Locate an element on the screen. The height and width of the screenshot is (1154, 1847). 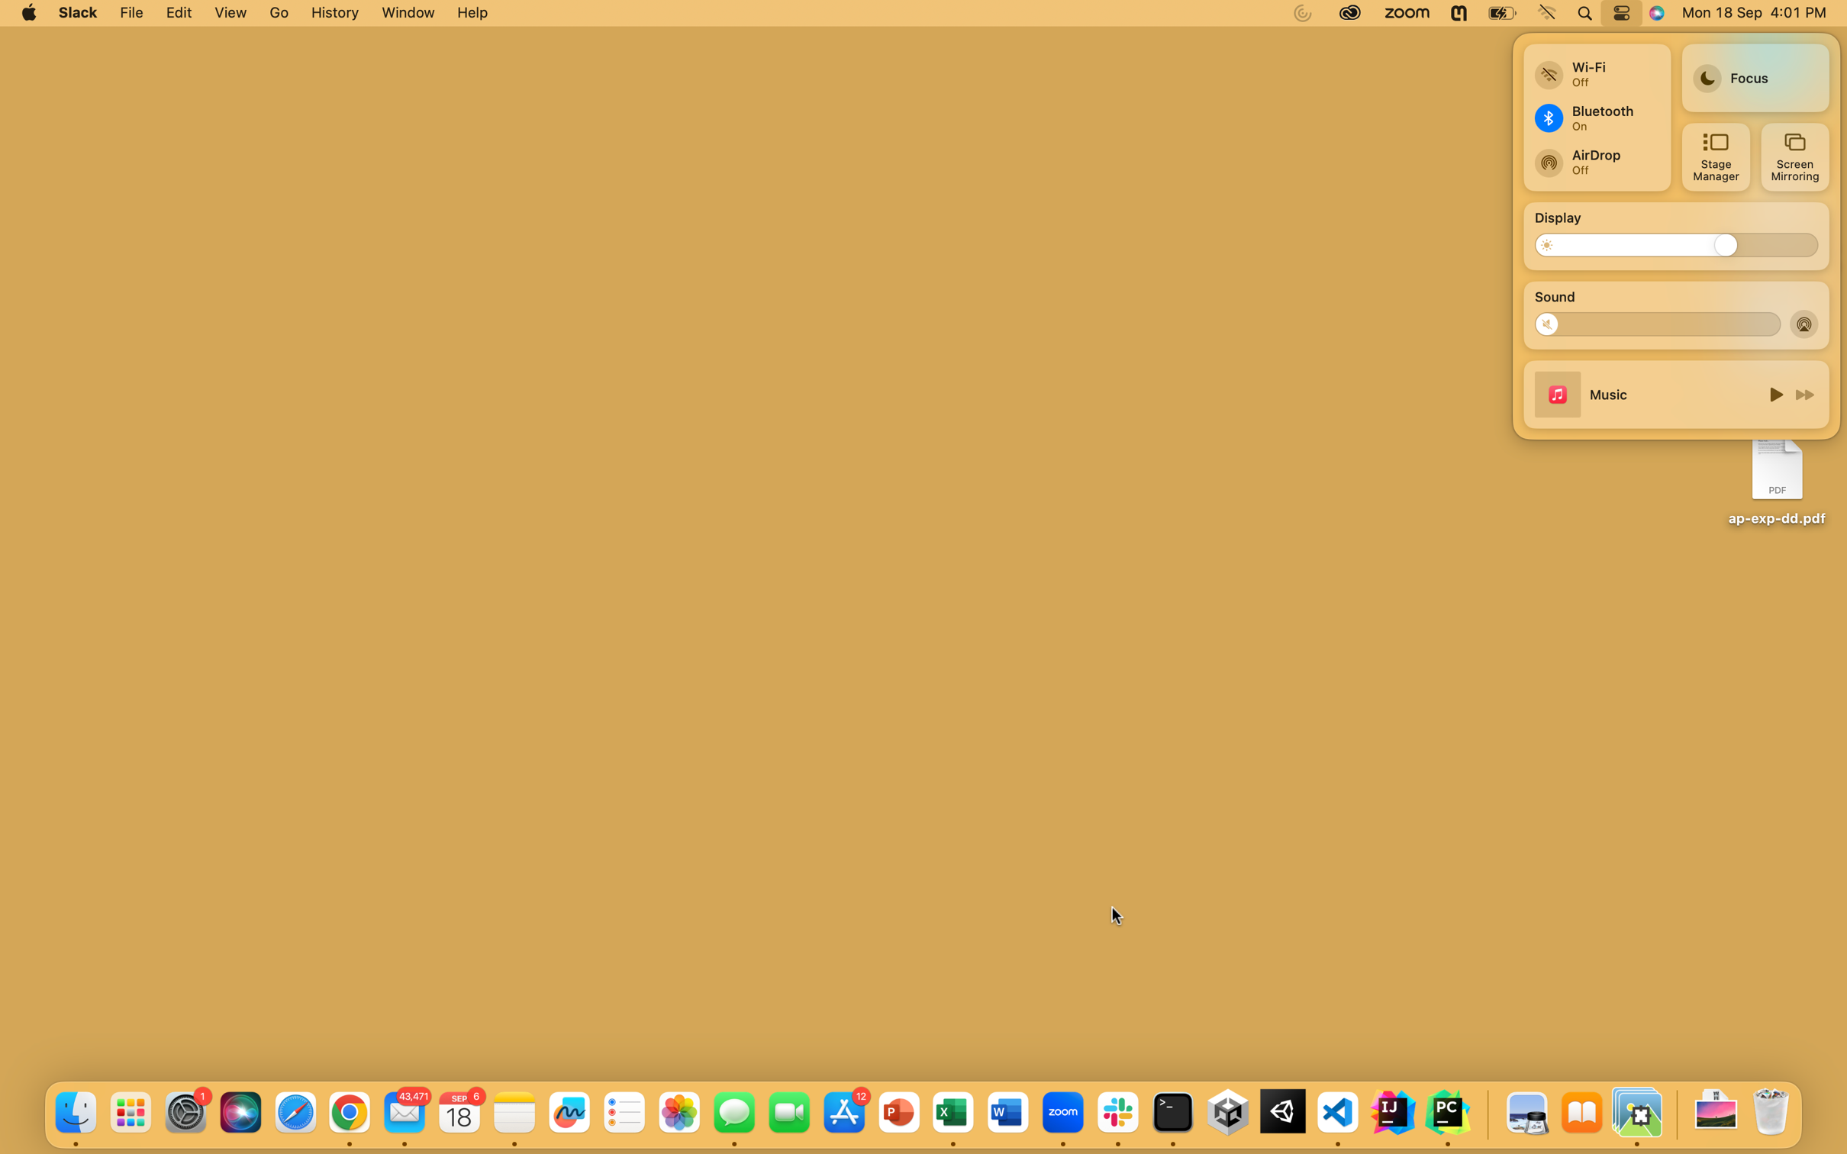
Start airdrop is located at coordinates (1805, 323).